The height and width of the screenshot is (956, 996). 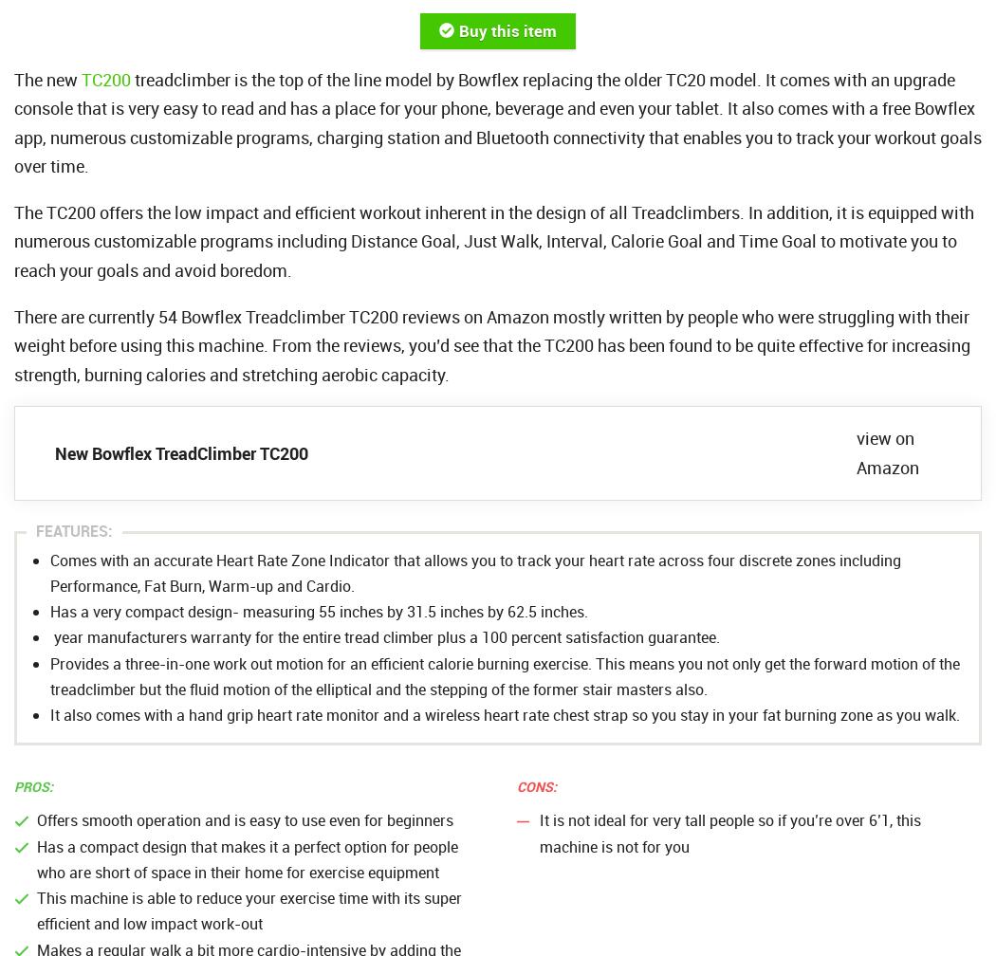 What do you see at coordinates (46, 78) in the screenshot?
I see `'The new'` at bounding box center [46, 78].